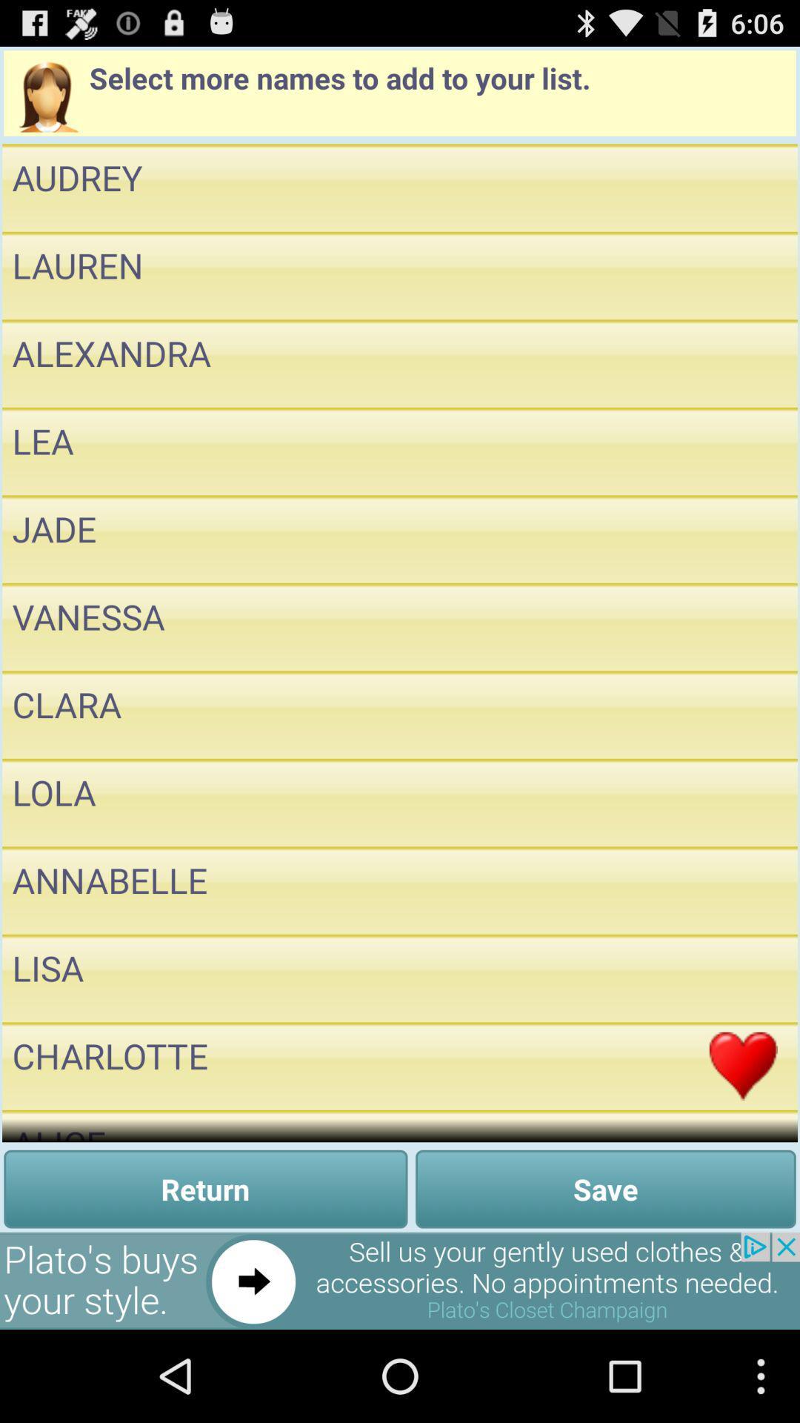 This screenshot has width=800, height=1423. What do you see at coordinates (743, 363) in the screenshot?
I see `alexandra` at bounding box center [743, 363].